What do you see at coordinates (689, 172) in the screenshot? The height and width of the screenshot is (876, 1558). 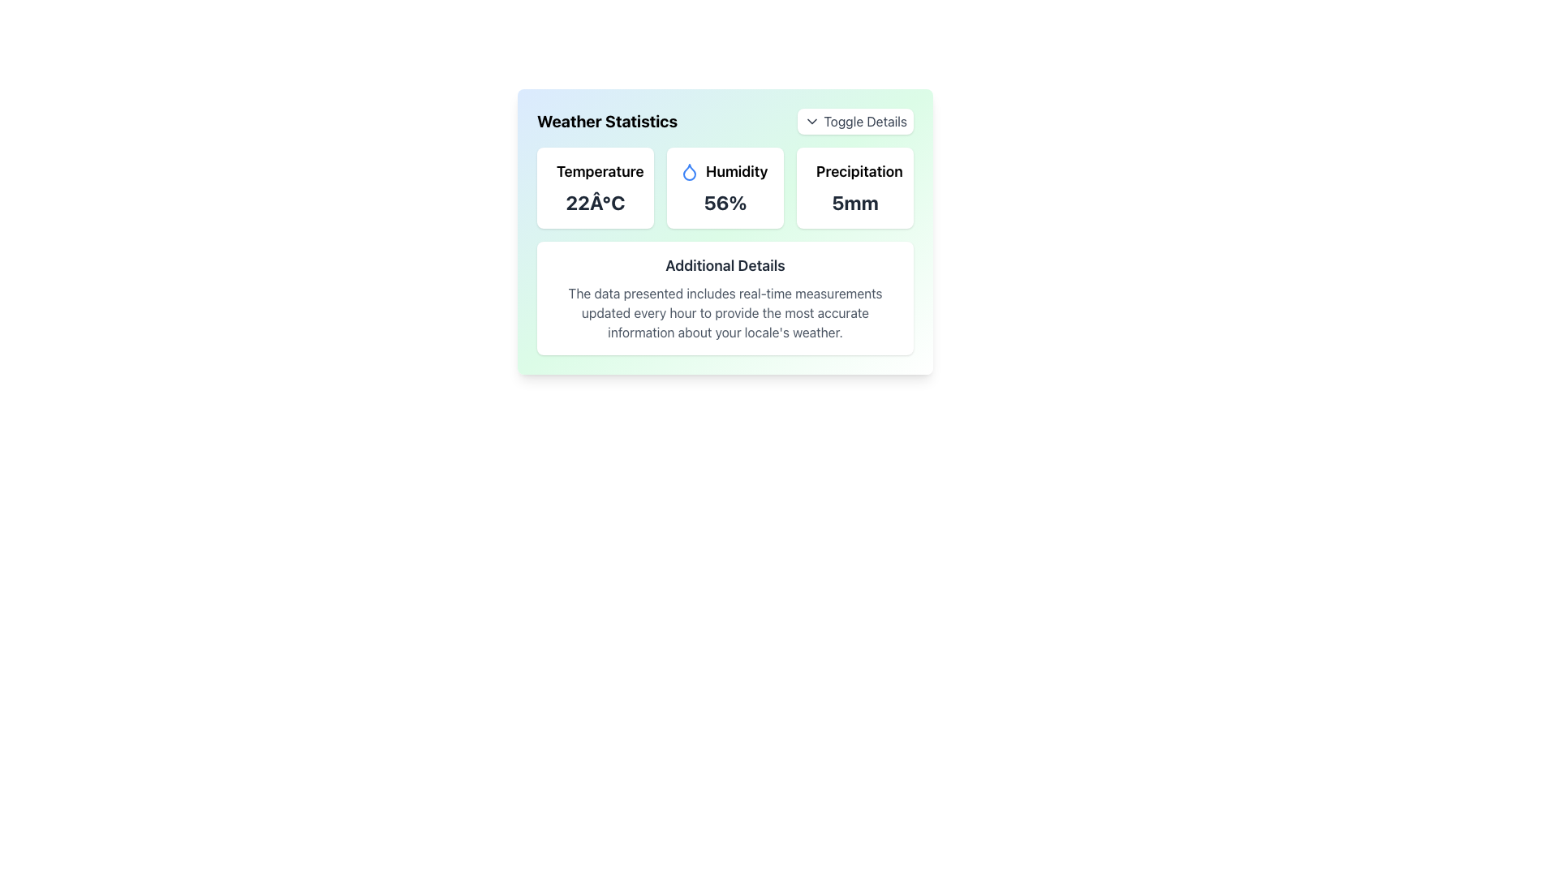 I see `the droplet-shaped icon with a blue border located at the center of the second column in the Weather Statistics card, next to the 'Humidity' label` at bounding box center [689, 172].